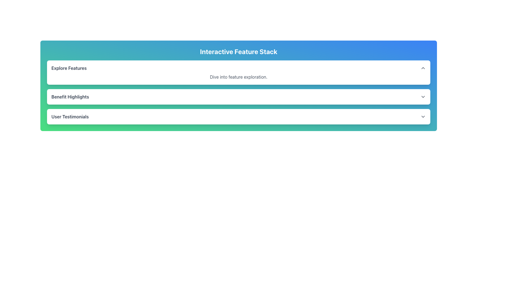 This screenshot has height=298, width=531. What do you see at coordinates (423, 97) in the screenshot?
I see `the Dropdown indicator icon located at the far-right end of the 'Benefit Highlights' list item` at bounding box center [423, 97].